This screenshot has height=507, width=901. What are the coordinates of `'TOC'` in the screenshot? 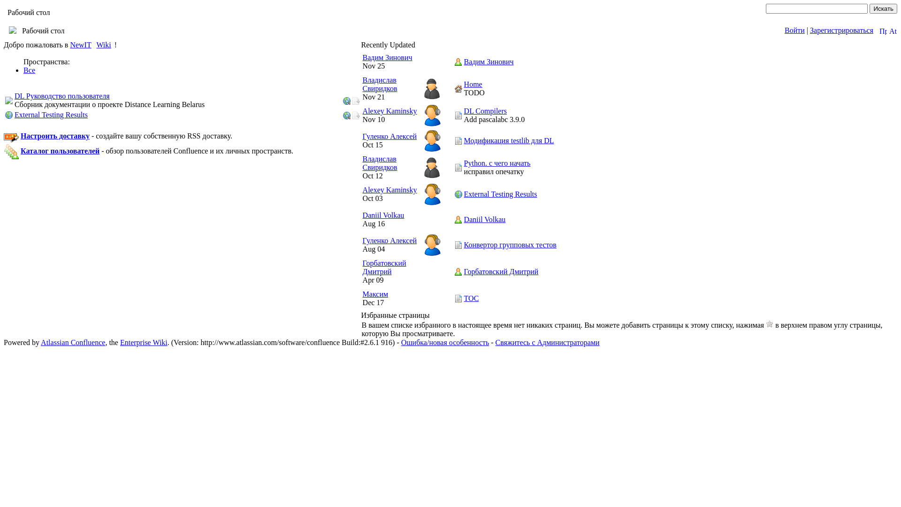 It's located at (455, 299).